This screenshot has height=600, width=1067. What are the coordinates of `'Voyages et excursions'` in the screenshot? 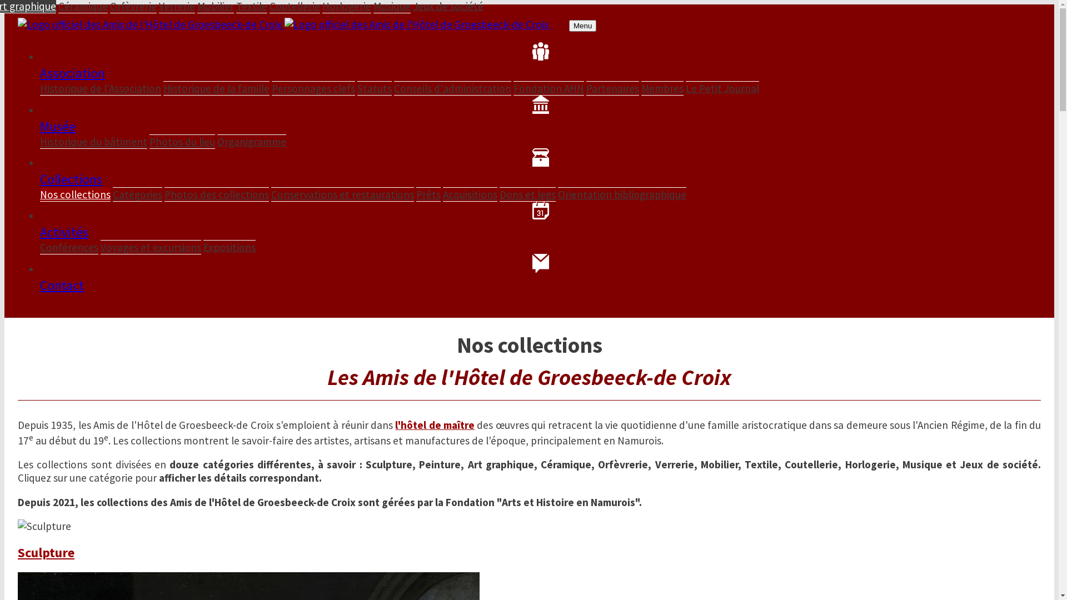 It's located at (150, 246).